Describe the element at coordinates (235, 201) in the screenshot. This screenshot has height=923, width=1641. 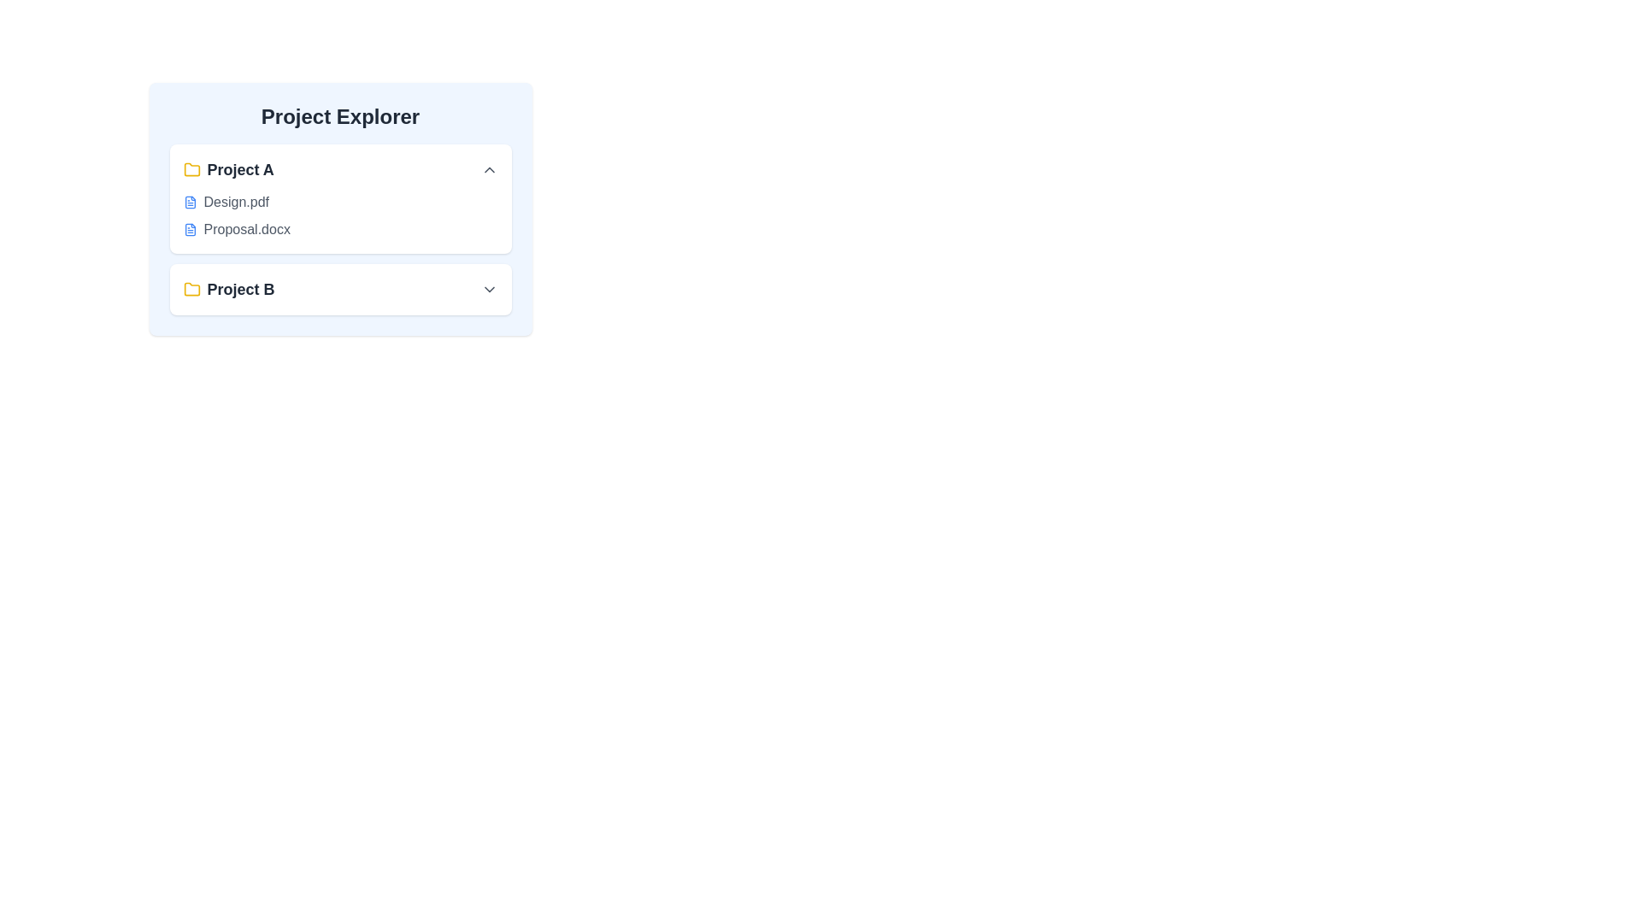
I see `the file named 'Design.pdf' to select it` at that location.